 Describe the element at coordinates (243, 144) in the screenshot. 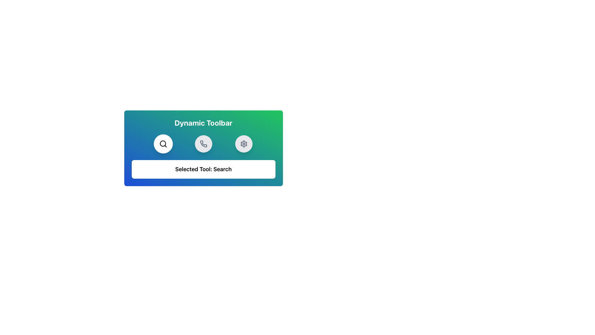

I see `the settings button located at the rightmost position in the toolbar` at that location.